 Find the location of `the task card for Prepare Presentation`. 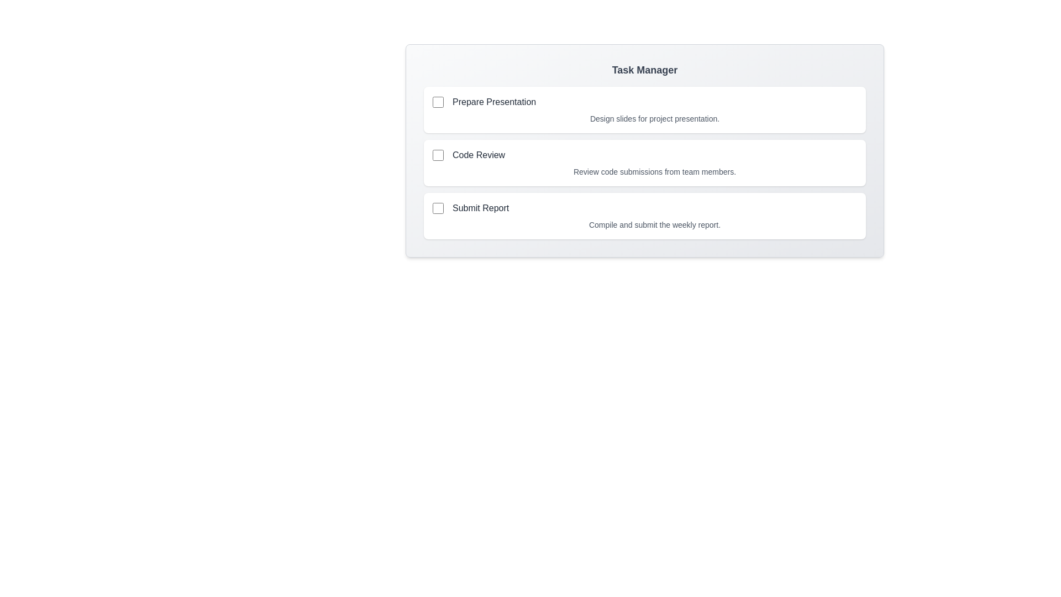

the task card for Prepare Presentation is located at coordinates (644, 110).